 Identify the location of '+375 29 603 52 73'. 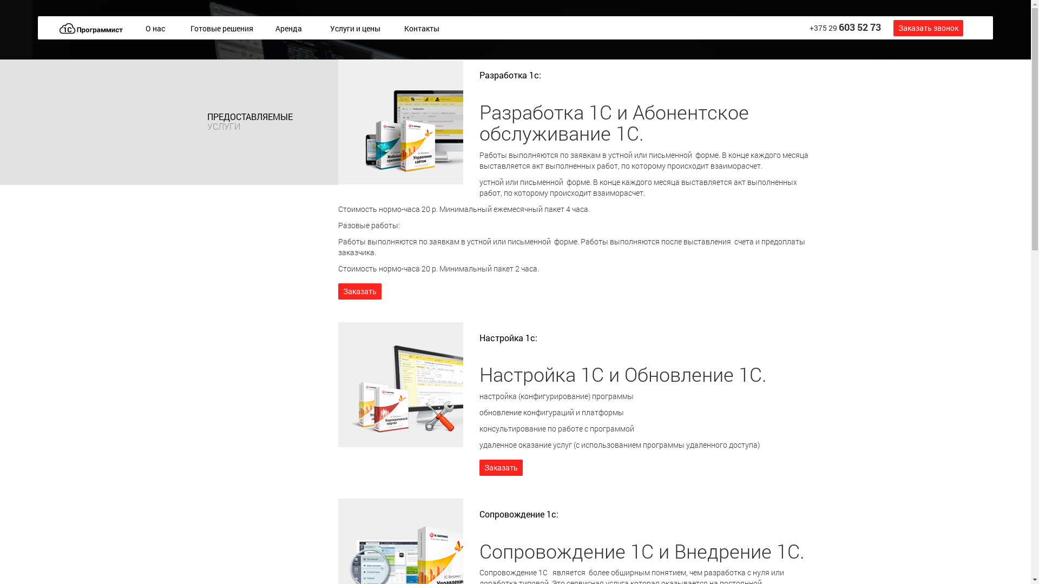
(844, 26).